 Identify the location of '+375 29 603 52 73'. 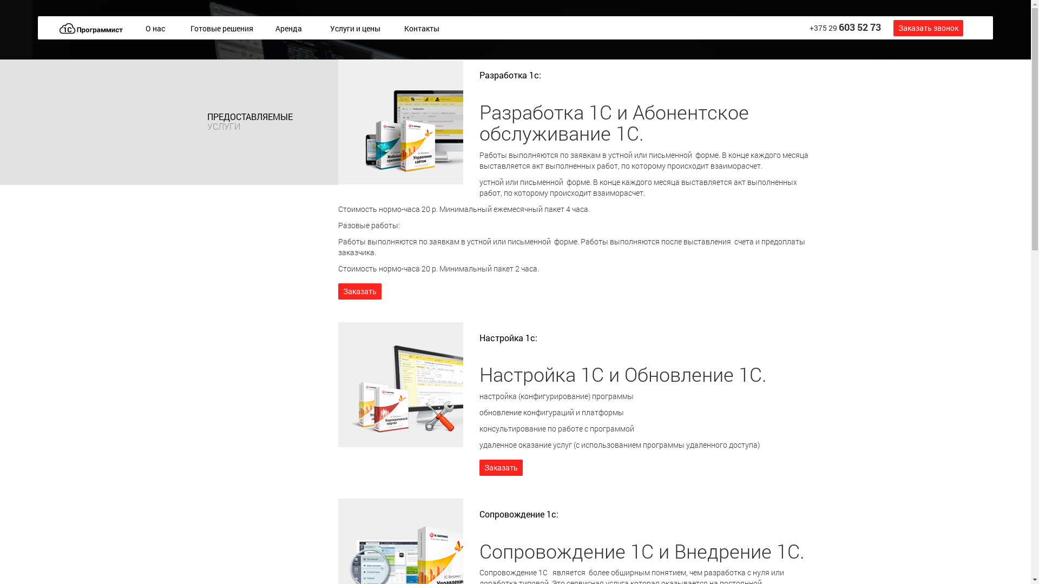
(844, 26).